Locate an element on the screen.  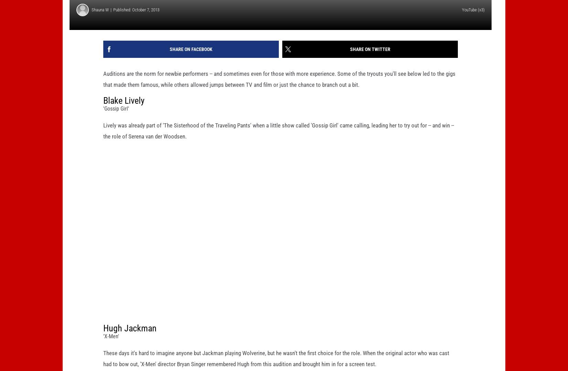
'Blake Lively' is located at coordinates (124, 111).